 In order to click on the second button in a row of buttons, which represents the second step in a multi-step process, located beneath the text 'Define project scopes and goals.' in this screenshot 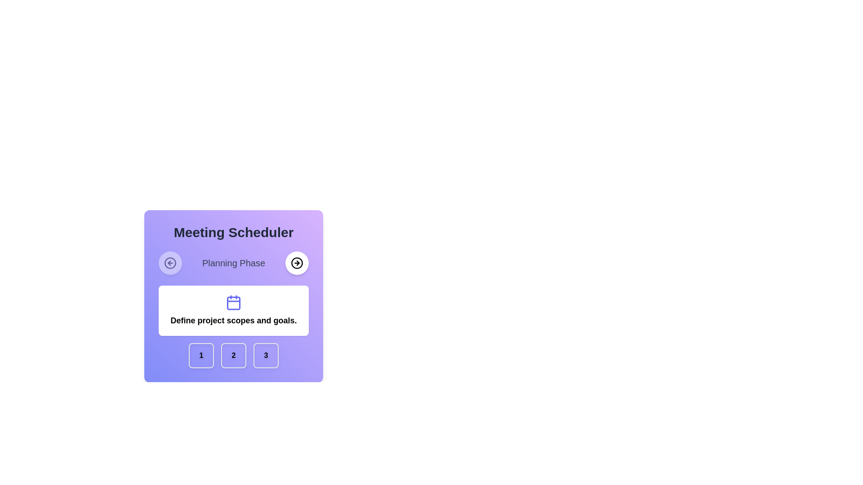, I will do `click(233, 355)`.